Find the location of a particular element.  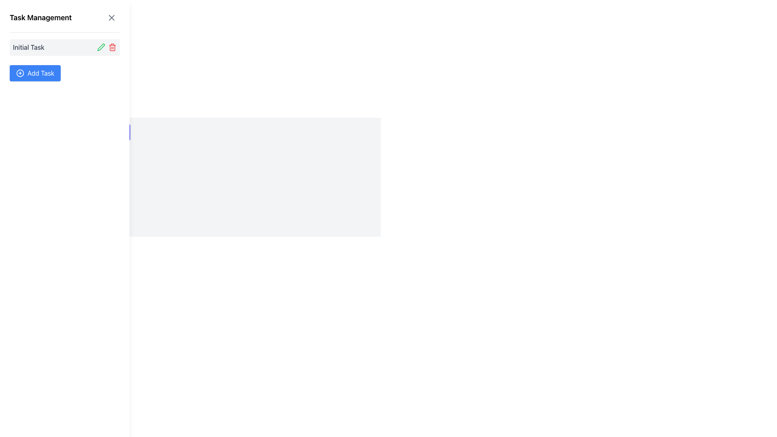

the delete button located to the right of the 'Initial Task' title in the Task Management panel is located at coordinates (112, 47).